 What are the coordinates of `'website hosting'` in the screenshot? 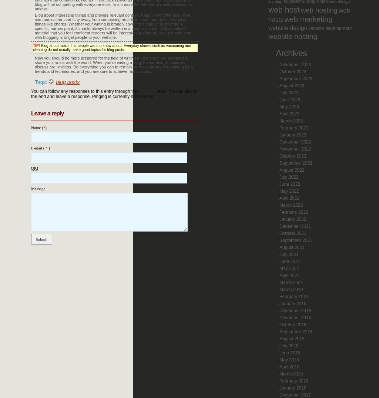 It's located at (293, 36).